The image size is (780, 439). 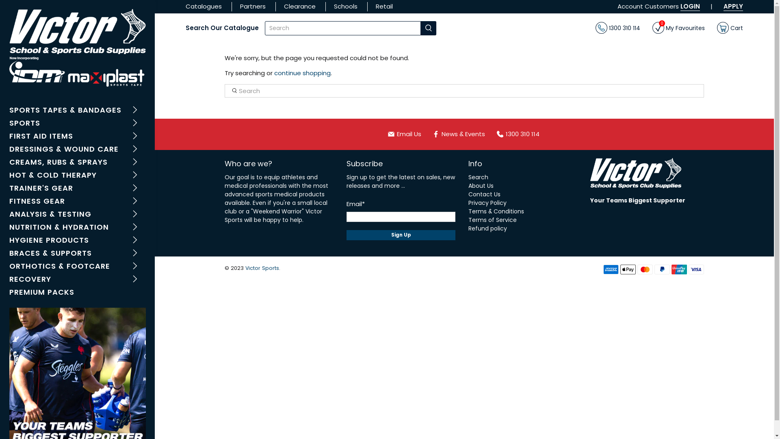 What do you see at coordinates (77, 124) in the screenshot?
I see `'SPORTS'` at bounding box center [77, 124].